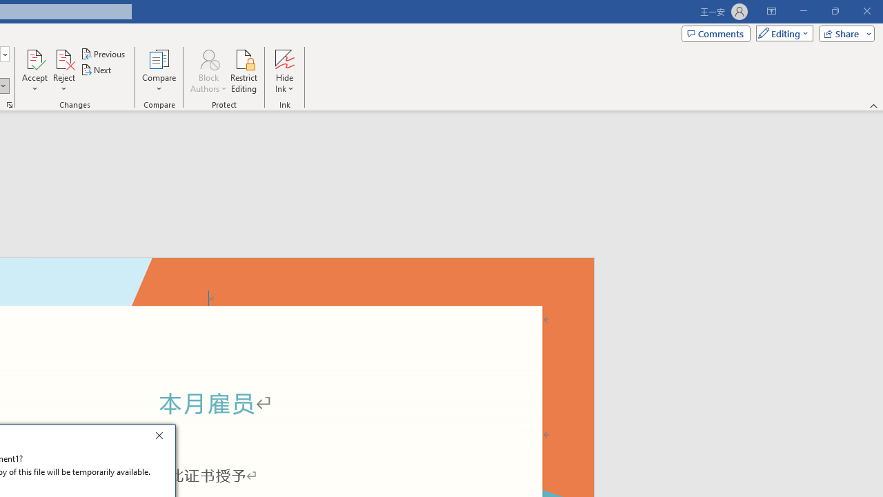 Image resolution: width=883 pixels, height=497 pixels. What do you see at coordinates (771, 11) in the screenshot?
I see `'Ribbon Display Options'` at bounding box center [771, 11].